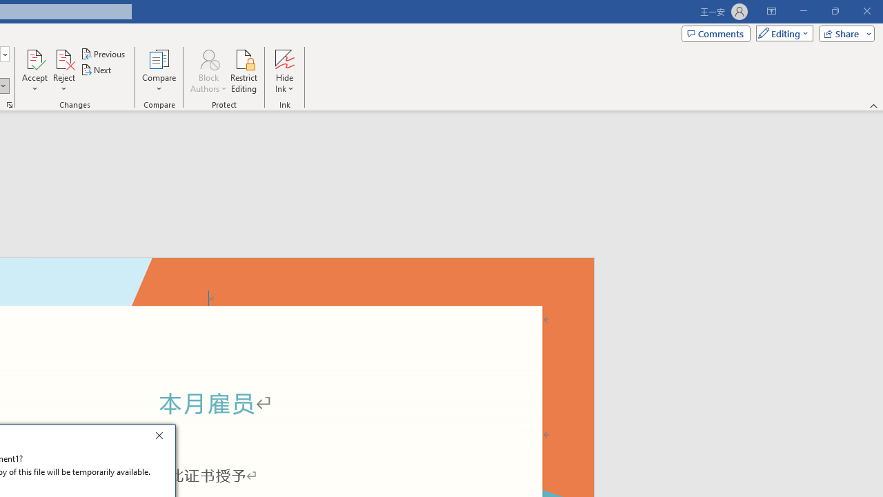 Image resolution: width=883 pixels, height=497 pixels. What do you see at coordinates (771, 11) in the screenshot?
I see `'Ribbon Display Options'` at bounding box center [771, 11].